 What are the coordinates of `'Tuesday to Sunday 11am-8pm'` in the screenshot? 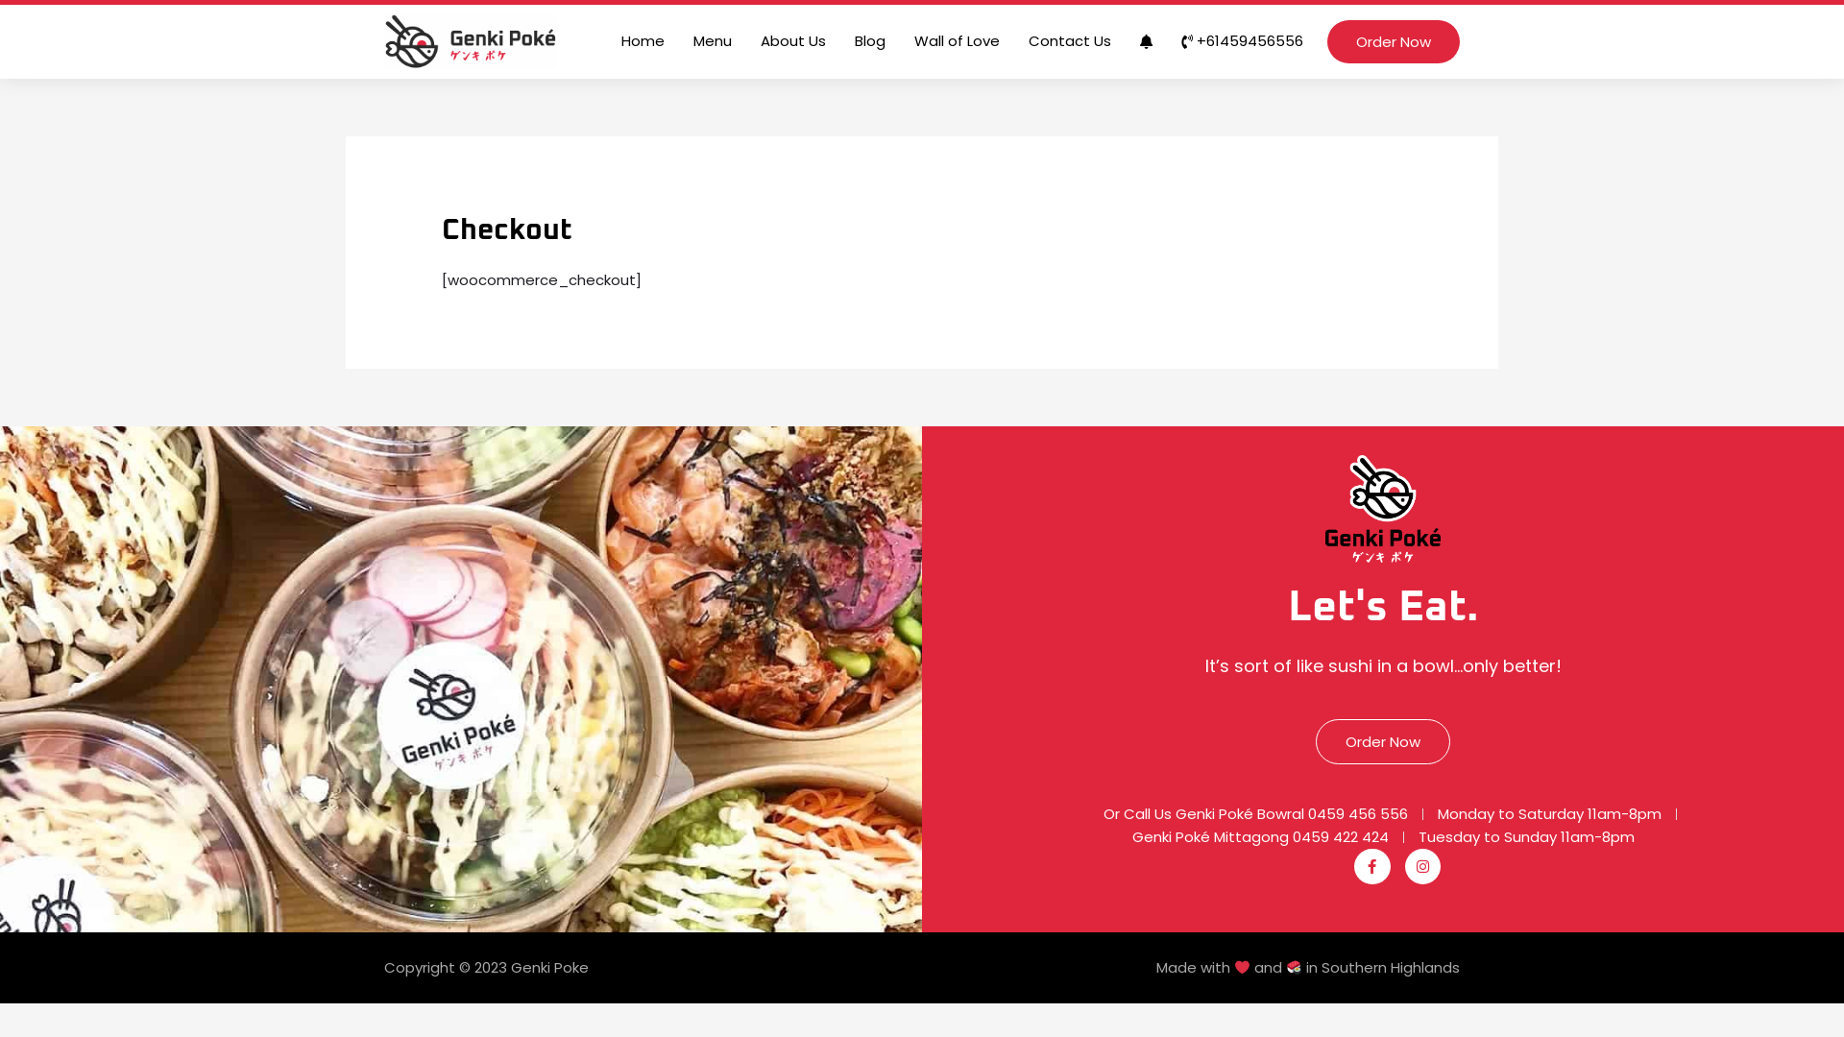 It's located at (1524, 835).